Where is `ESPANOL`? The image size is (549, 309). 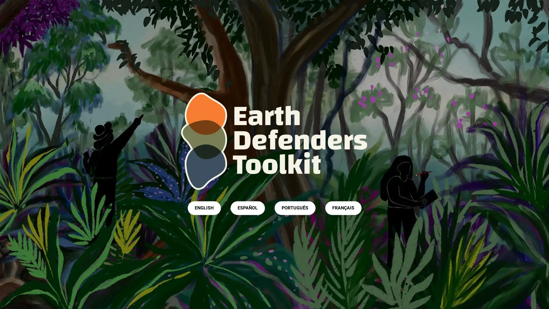 ESPANOL is located at coordinates (247, 208).